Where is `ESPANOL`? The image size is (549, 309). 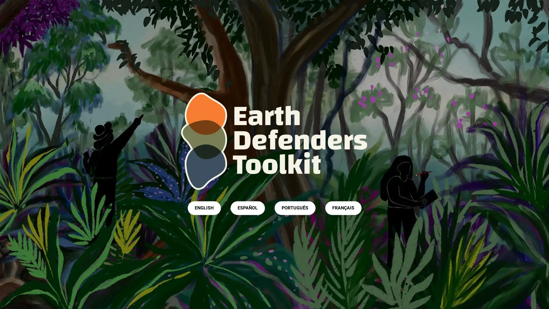 ESPANOL is located at coordinates (247, 208).